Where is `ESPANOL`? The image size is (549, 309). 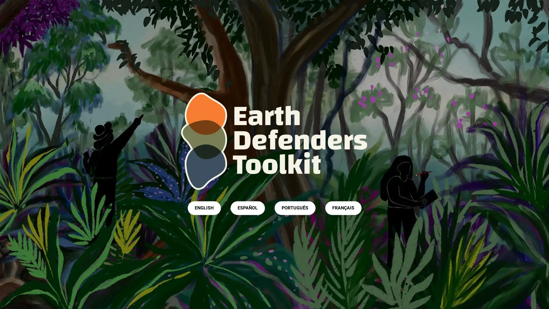 ESPANOL is located at coordinates (247, 208).